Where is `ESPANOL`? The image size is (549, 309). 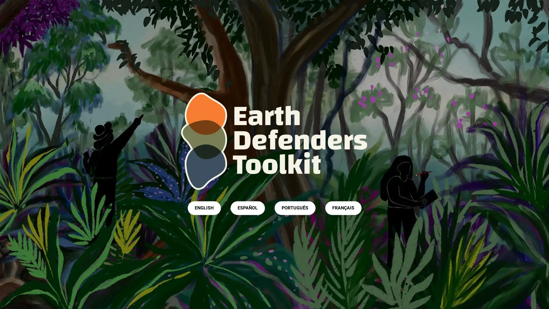 ESPANOL is located at coordinates (247, 208).